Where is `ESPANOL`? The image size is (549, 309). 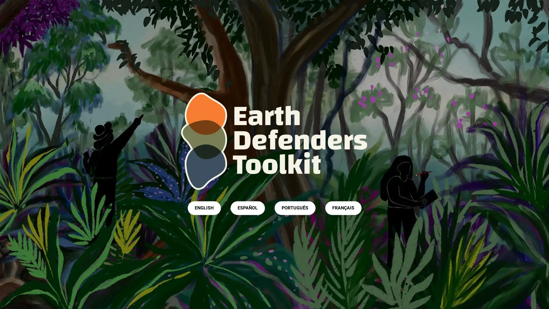 ESPANOL is located at coordinates (247, 208).